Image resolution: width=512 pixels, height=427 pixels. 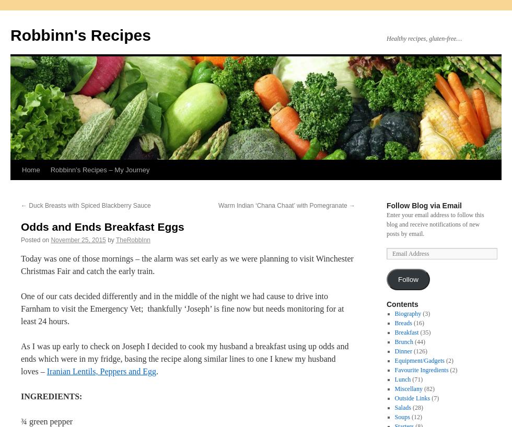 I want to click on '(71)', so click(x=416, y=379).